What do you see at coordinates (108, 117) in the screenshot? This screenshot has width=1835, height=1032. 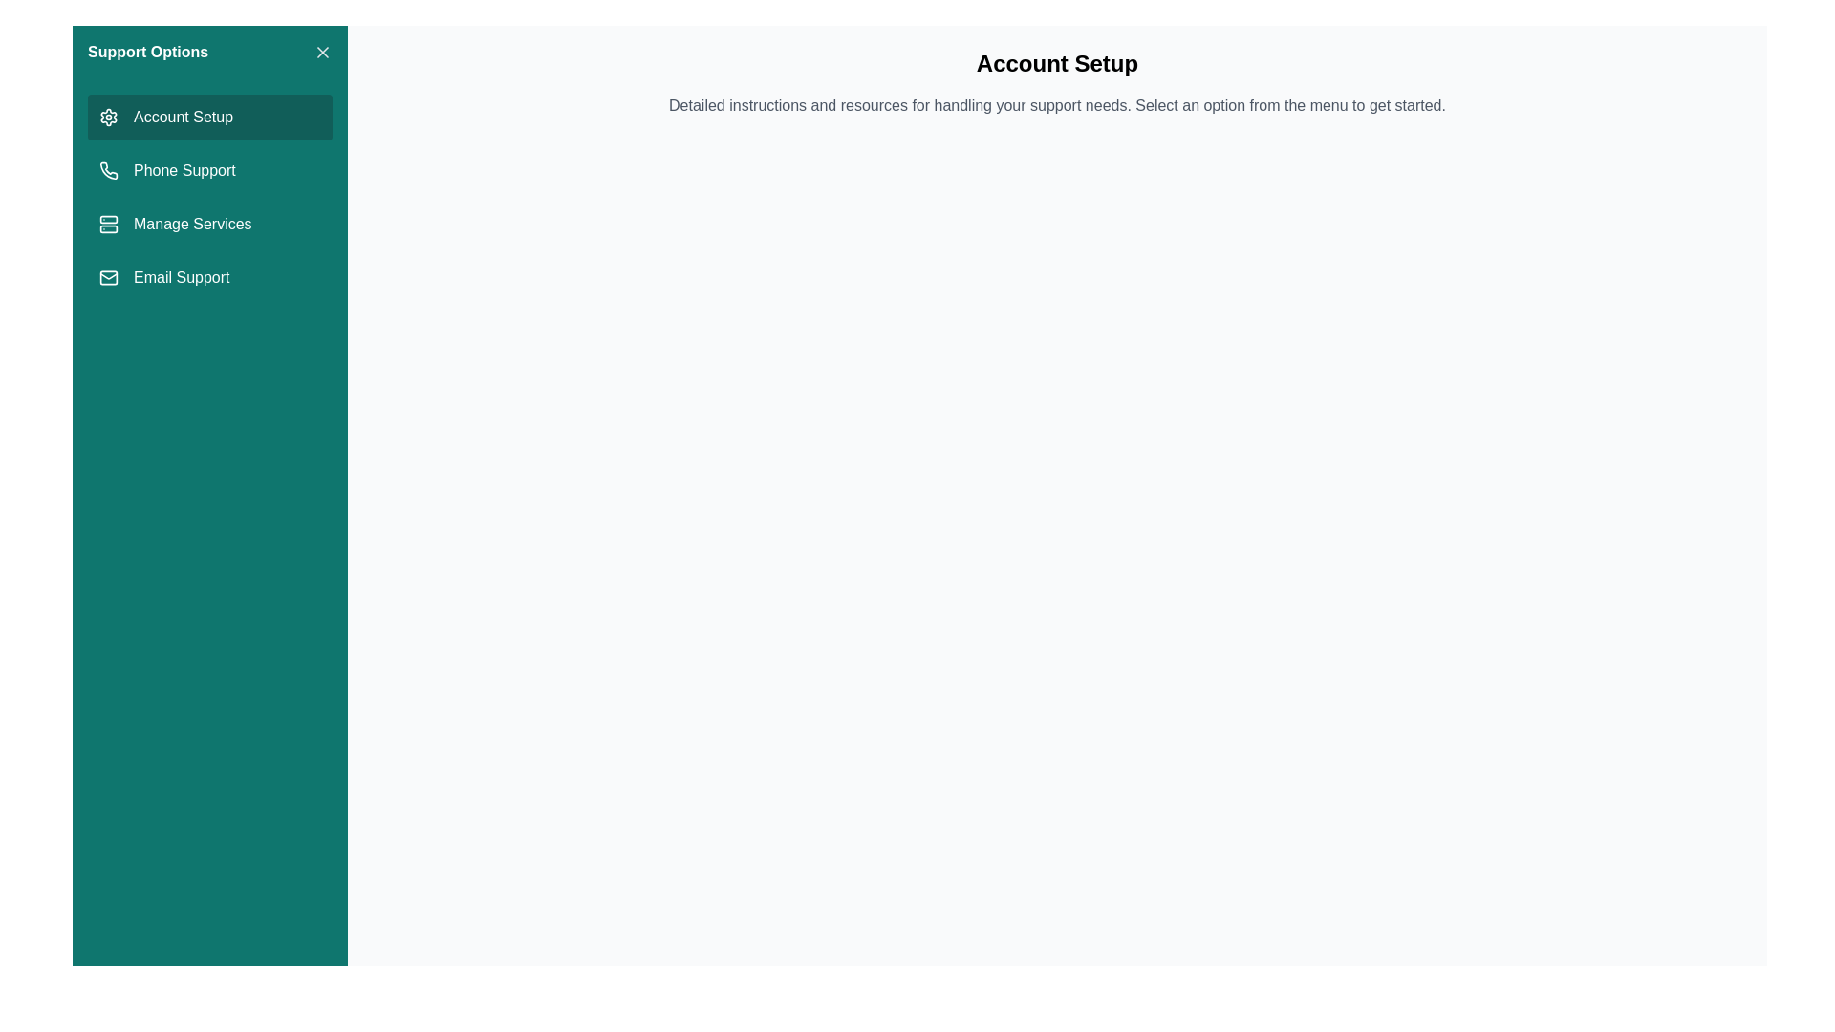 I see `the cogwheel icon with a green background in the left navigation menu, next to the 'Account Setup' text` at bounding box center [108, 117].